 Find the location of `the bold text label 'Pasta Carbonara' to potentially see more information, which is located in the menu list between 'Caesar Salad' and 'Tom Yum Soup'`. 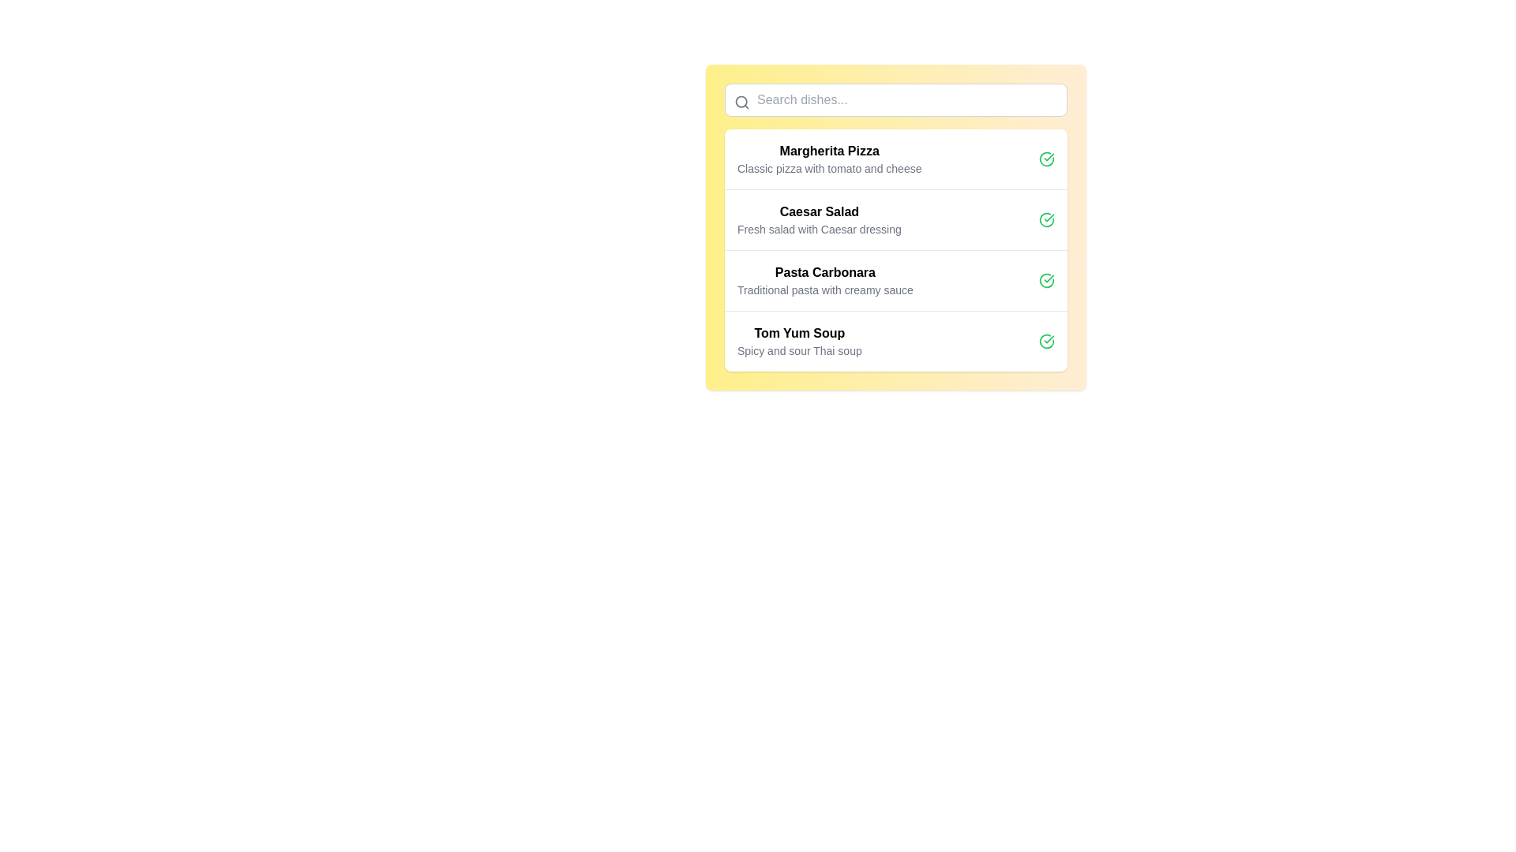

the bold text label 'Pasta Carbonara' to potentially see more information, which is located in the menu list between 'Caesar Salad' and 'Tom Yum Soup' is located at coordinates (824, 272).